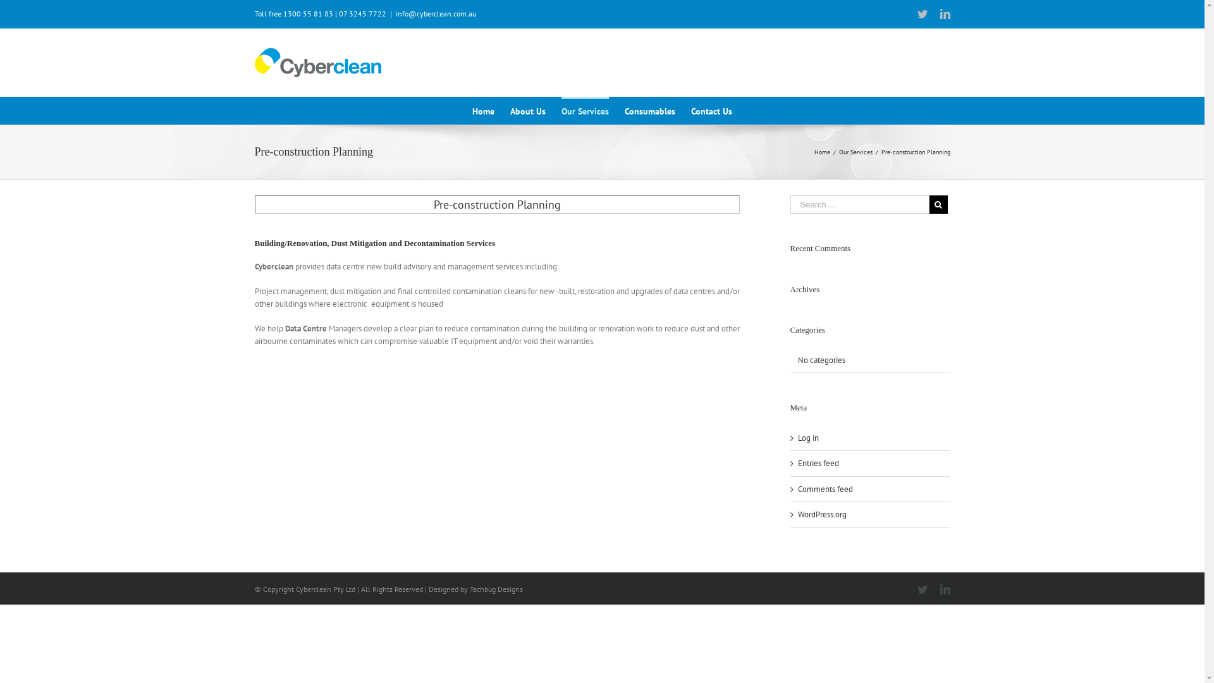  Describe the element at coordinates (797, 488) in the screenshot. I see `'Comments feed'` at that location.